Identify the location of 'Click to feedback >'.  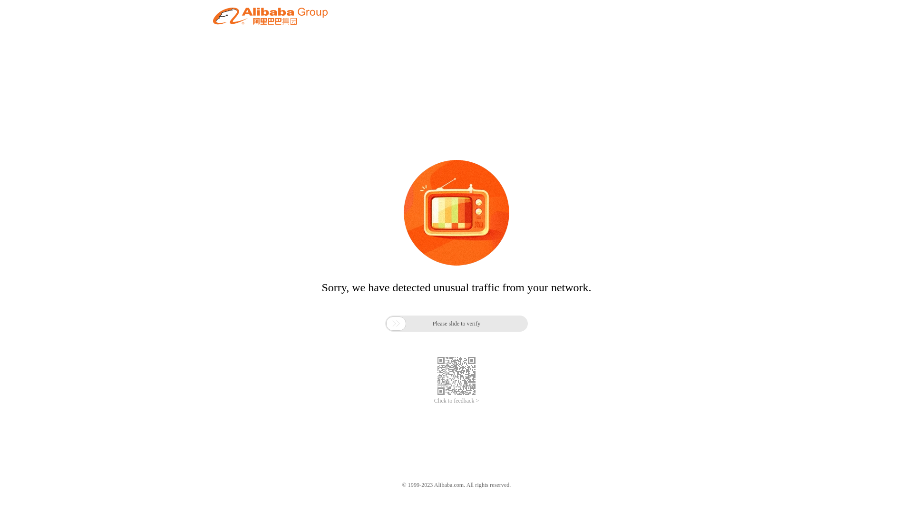
(433, 401).